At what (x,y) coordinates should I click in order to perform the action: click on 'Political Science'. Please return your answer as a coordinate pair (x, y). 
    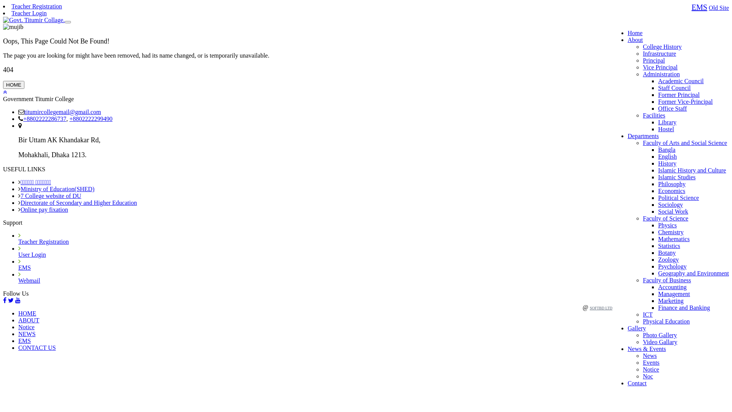
    Looking at the image, I should click on (678, 197).